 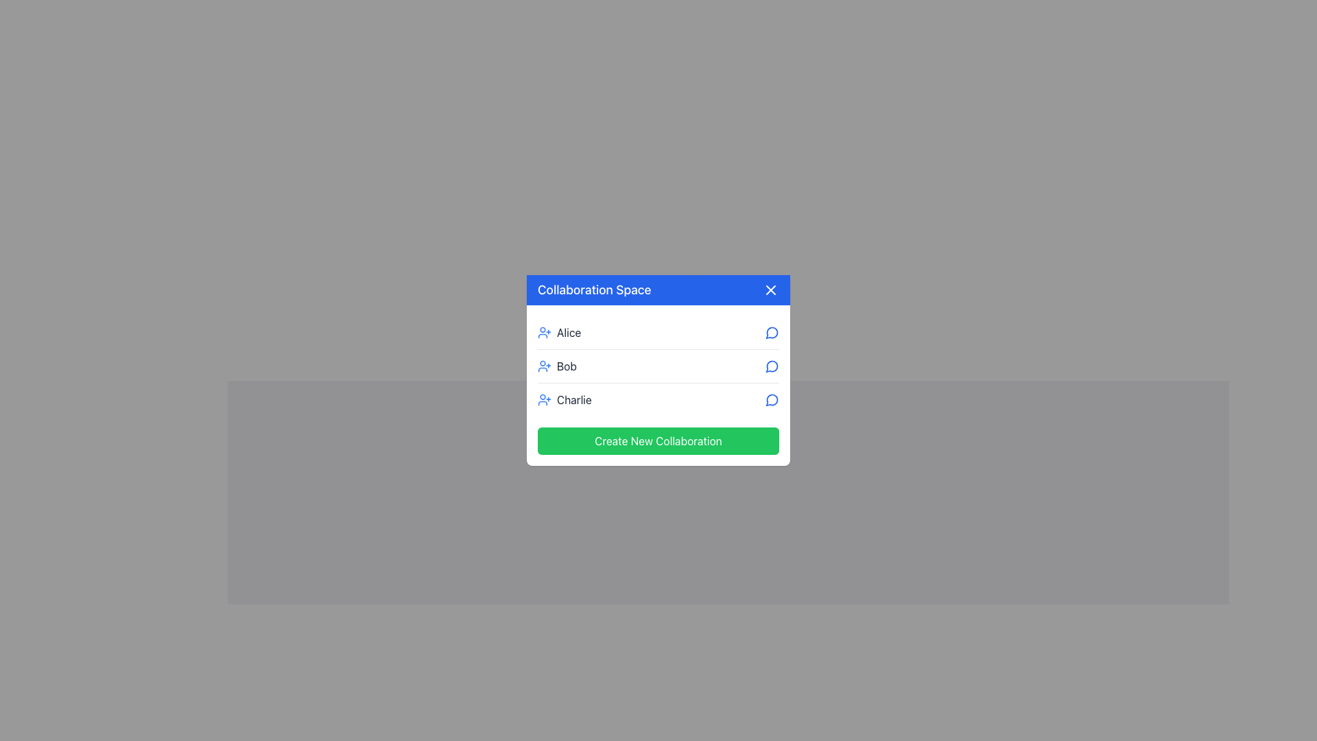 What do you see at coordinates (565, 399) in the screenshot?
I see `the name 'Charlie' in the 'Collaboration Space' dialog interface, which features a nearby add user icon and is the third item in the list` at bounding box center [565, 399].